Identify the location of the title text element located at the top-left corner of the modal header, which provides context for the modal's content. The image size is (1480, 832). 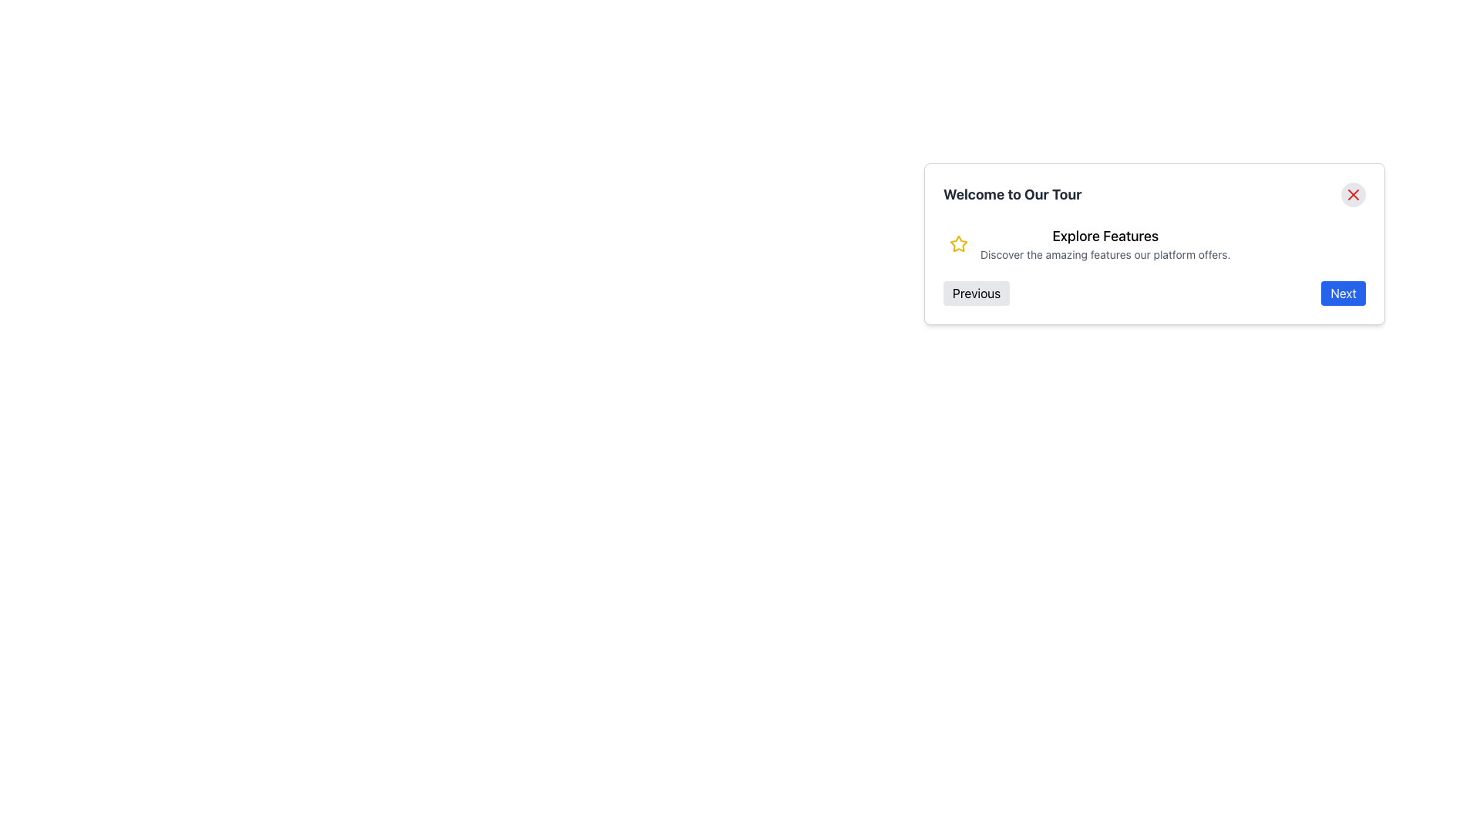
(1012, 194).